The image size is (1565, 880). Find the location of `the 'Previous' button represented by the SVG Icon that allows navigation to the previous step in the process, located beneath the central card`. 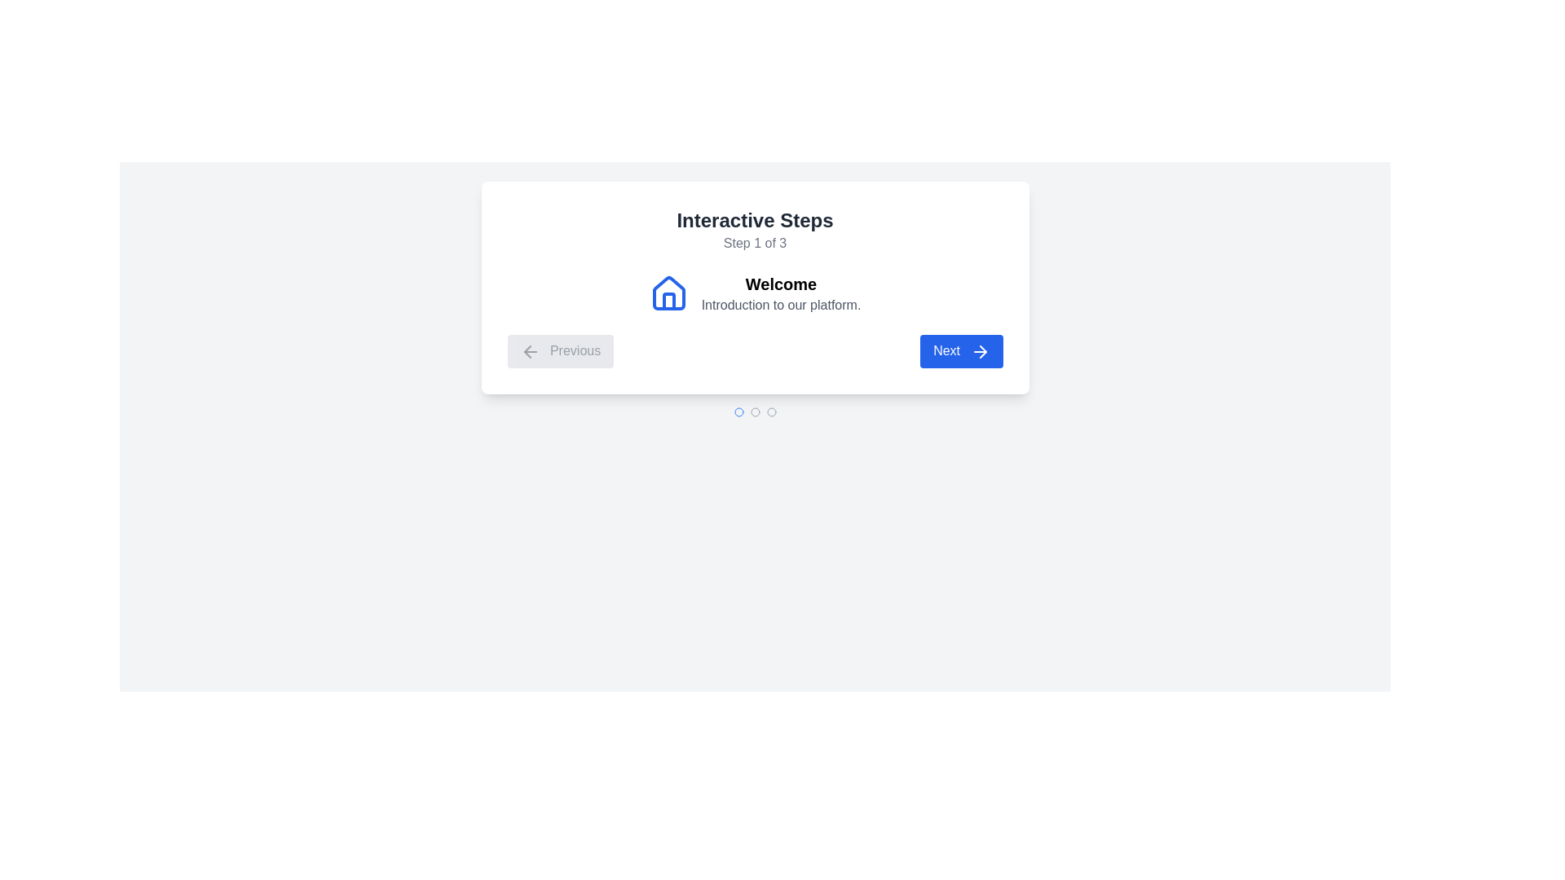

the 'Previous' button represented by the SVG Icon that allows navigation to the previous step in the process, located beneath the central card is located at coordinates (530, 350).